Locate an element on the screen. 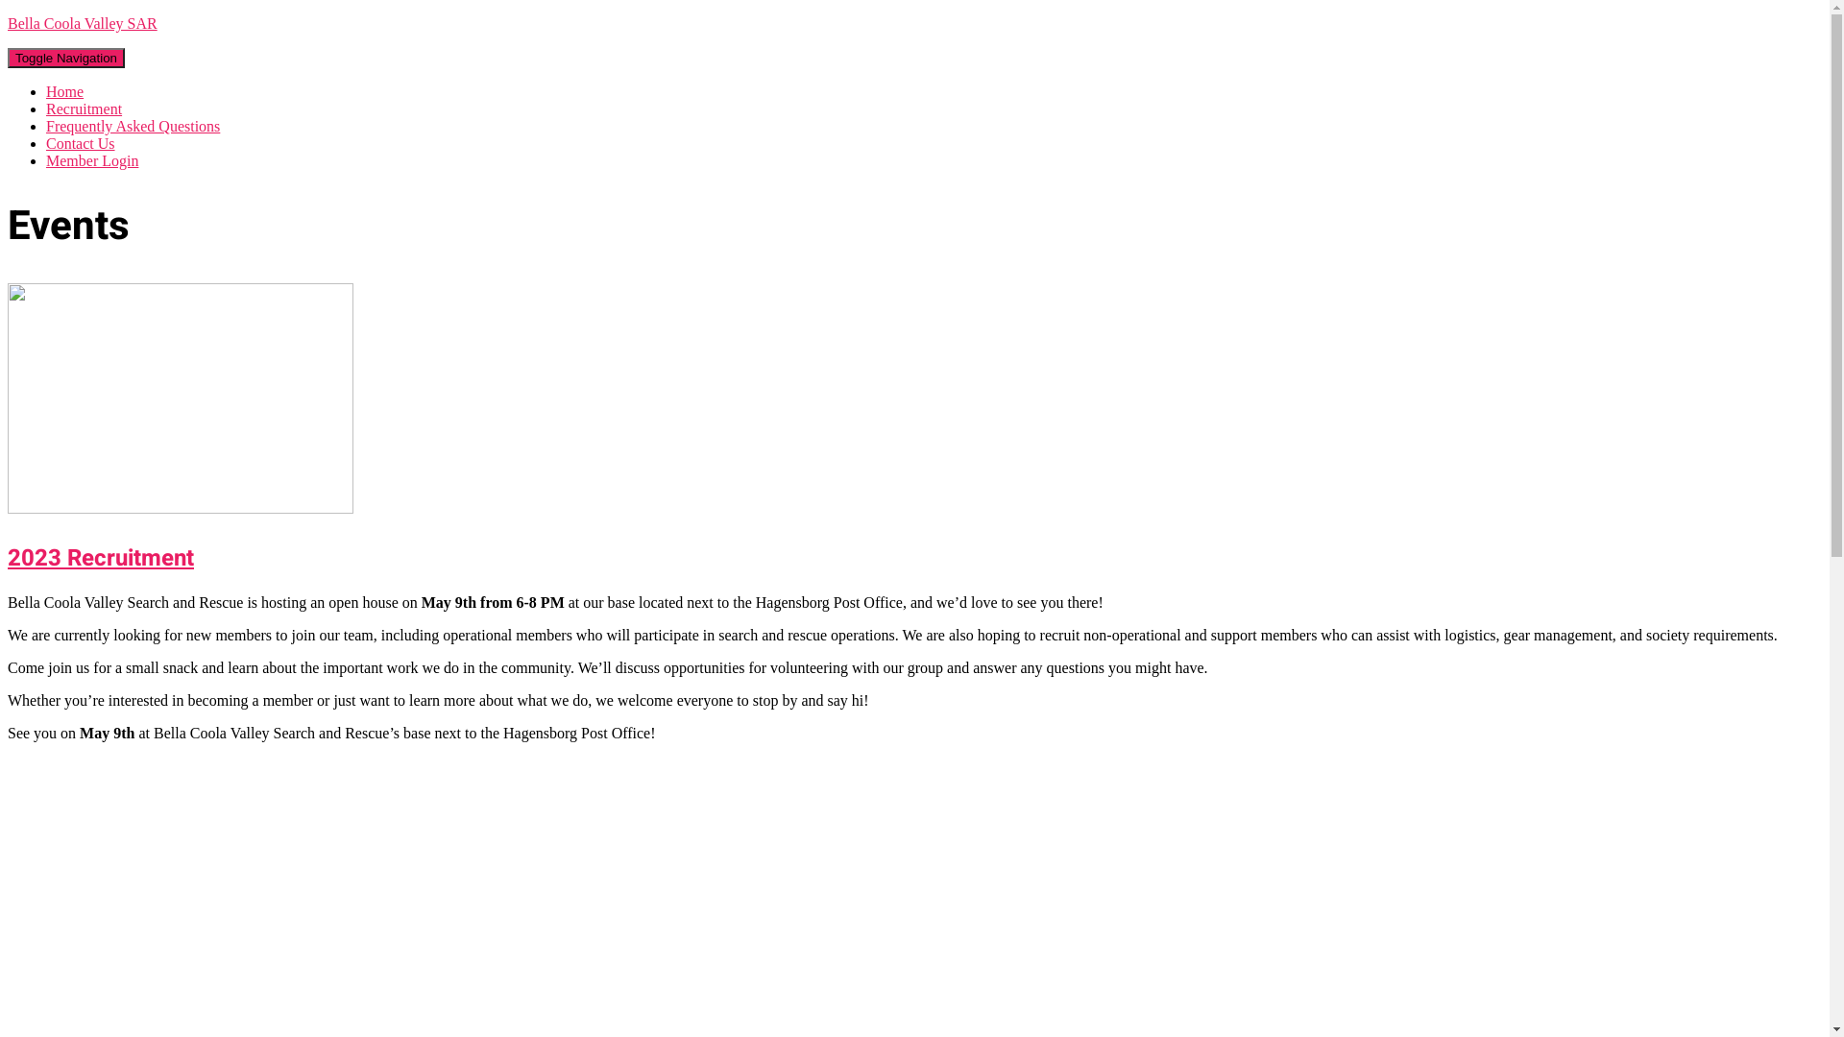  '2023 Recruitment' is located at coordinates (8, 558).